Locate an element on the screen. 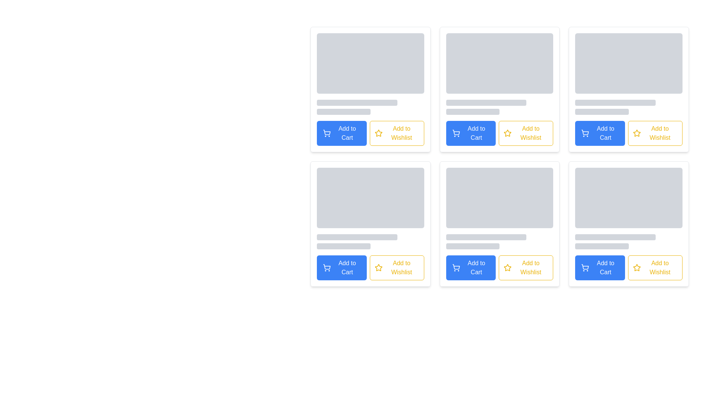 This screenshot has width=726, height=408. the 'Add to Cart' button associated with the shopping cart icon, which represents adding a product to the shopping cart is located at coordinates (456, 132).